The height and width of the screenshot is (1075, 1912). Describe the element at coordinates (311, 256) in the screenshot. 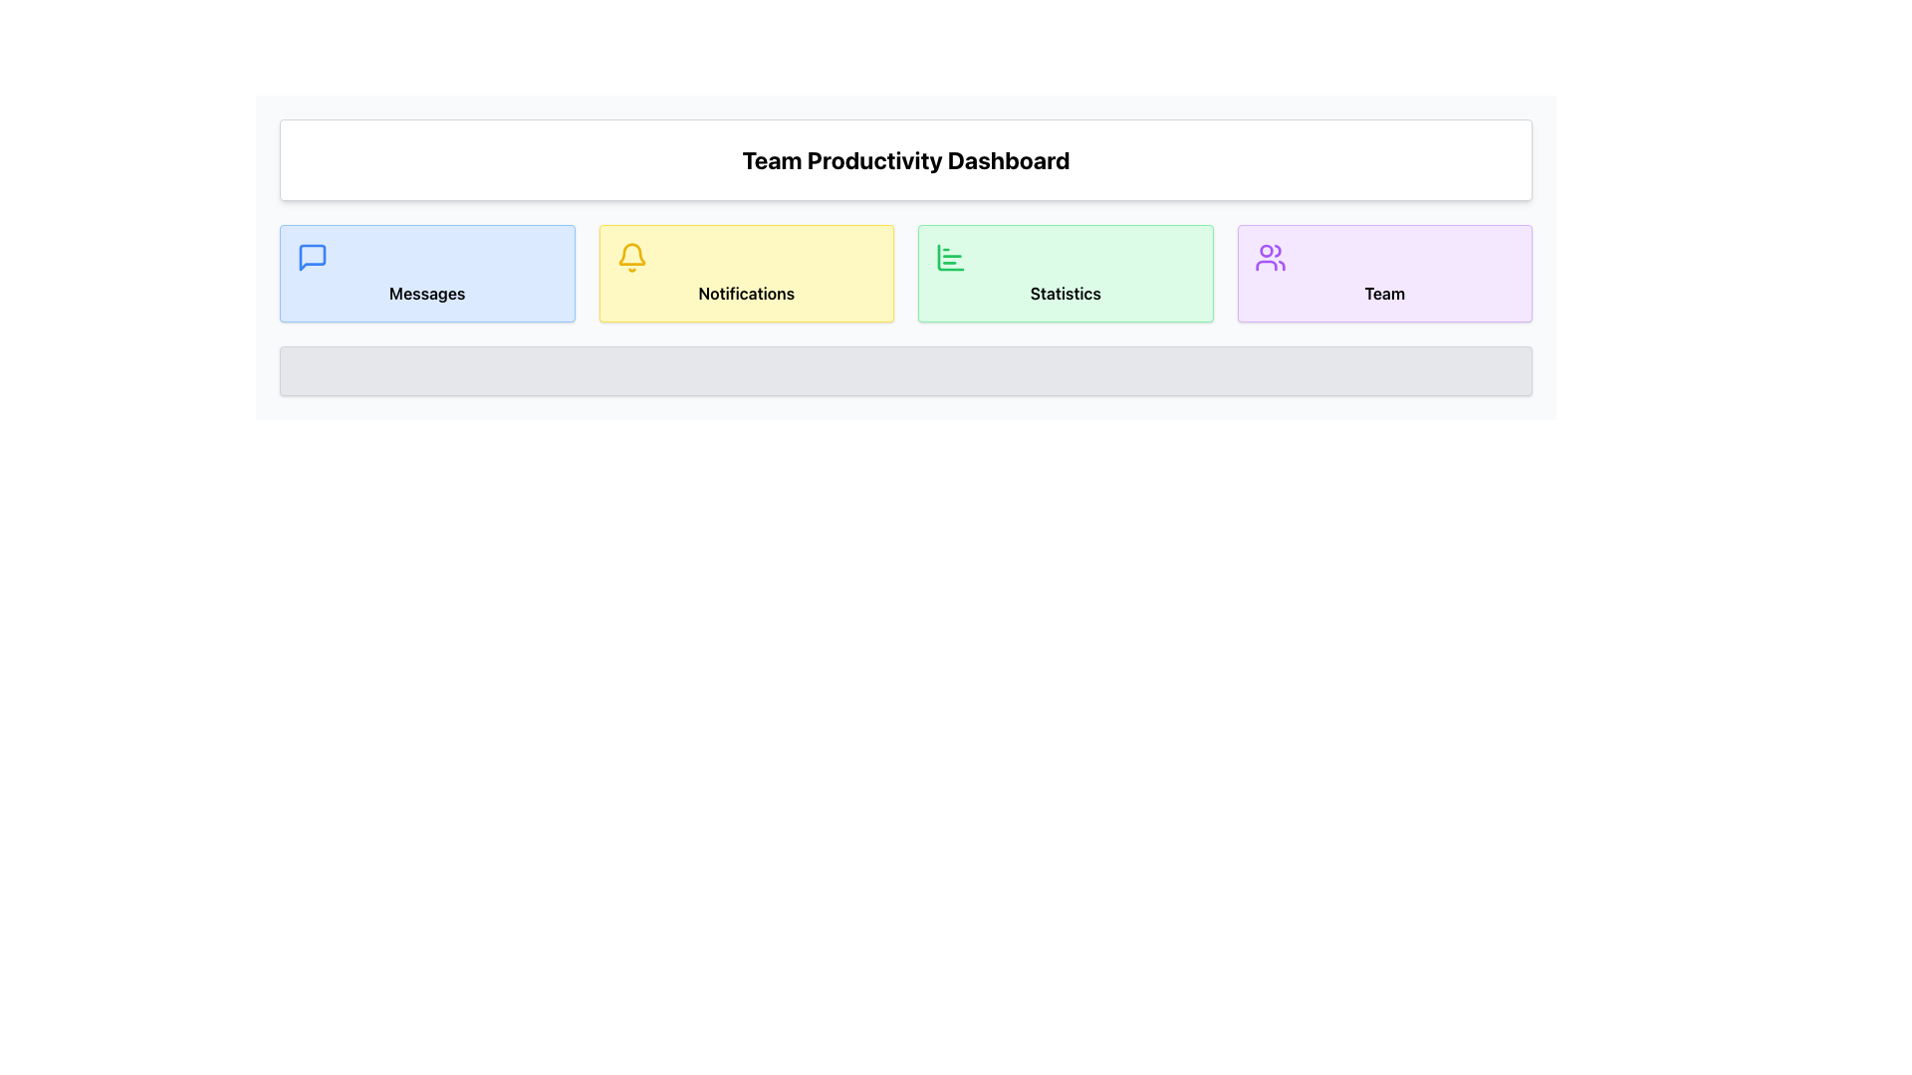

I see `the messaging icon located at the top-left corner of the 'Messages' card` at that location.